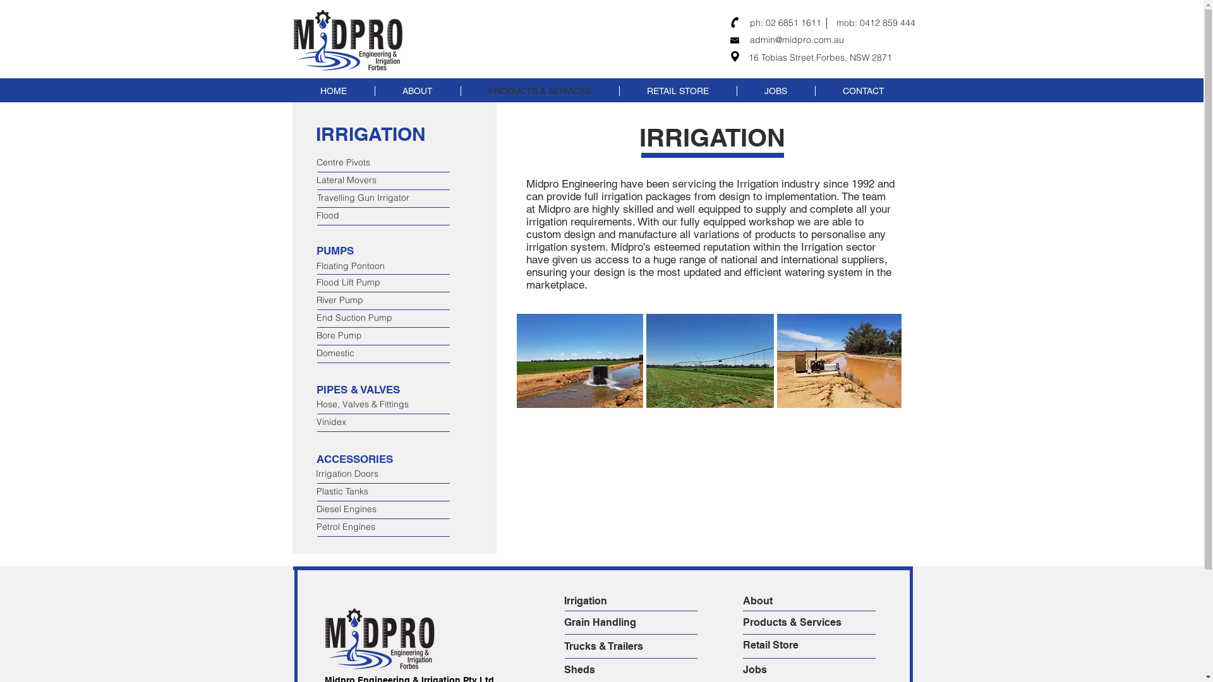 The image size is (1213, 682). Describe the element at coordinates (862, 90) in the screenshot. I see `'CONTACT'` at that location.